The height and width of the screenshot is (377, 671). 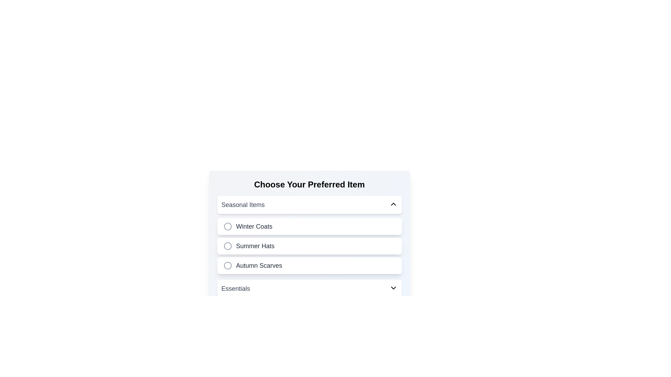 I want to click on the Text Label that describes the selectable option 'Autumn Scarves', located inside the third item of the list under 'Choose Your Preferred Item', to the right of the circular radio button, so click(x=259, y=265).